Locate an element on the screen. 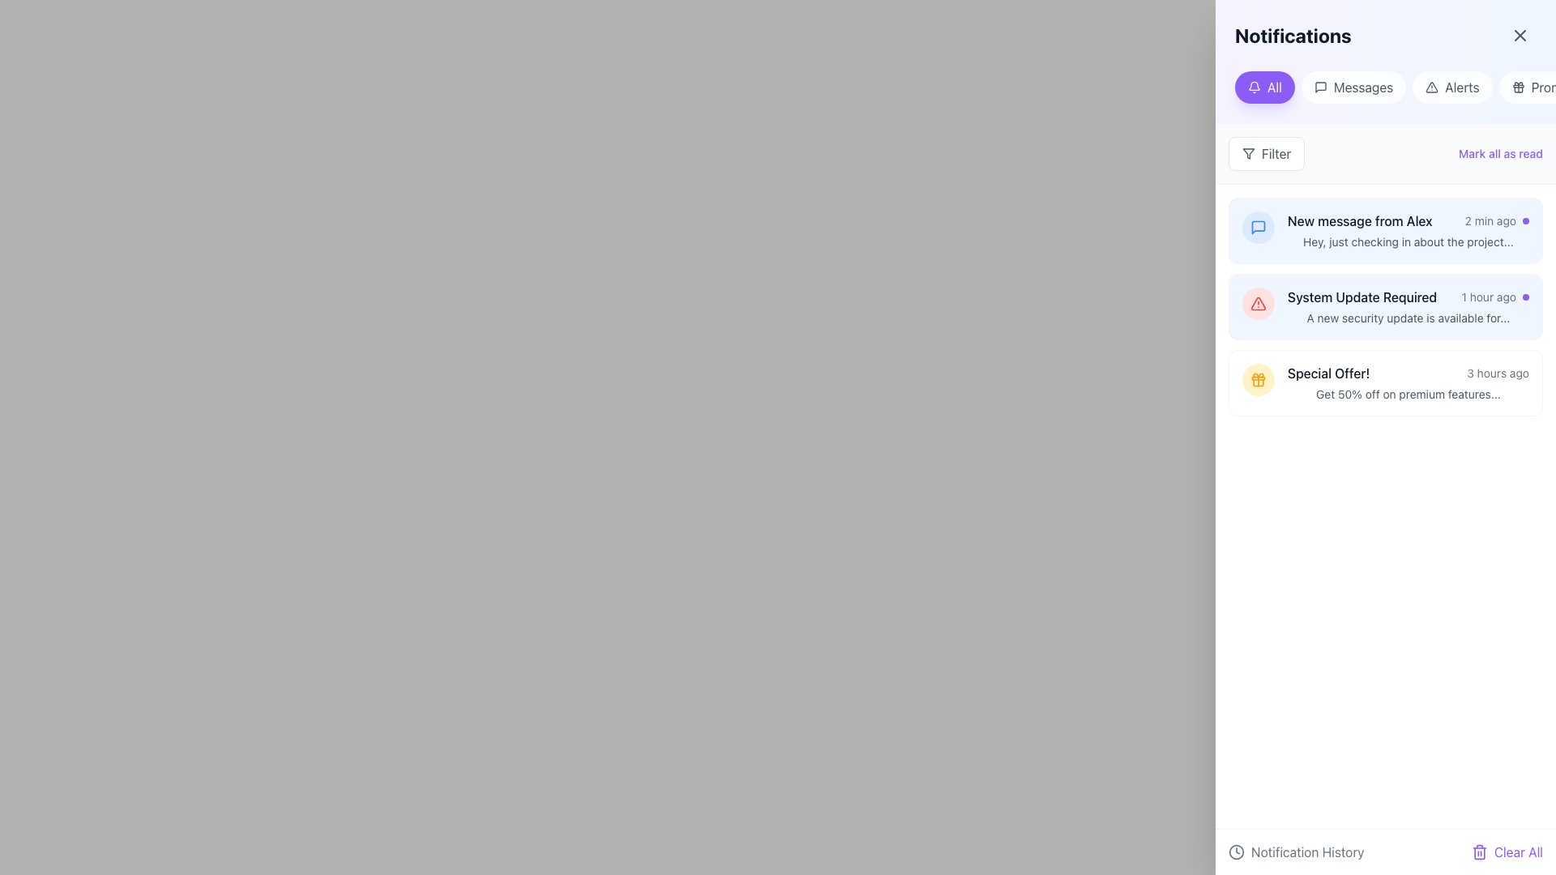 The image size is (1556, 875). the 'clear all notifications' text label located at the bottom-right corner next to the trash bin icon is located at coordinates (1517, 852).